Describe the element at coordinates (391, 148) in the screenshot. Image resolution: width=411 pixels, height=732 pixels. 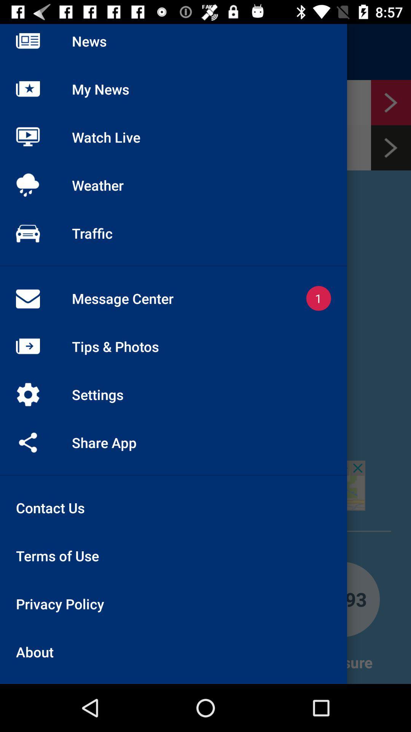
I see `the second forward button at the top of the page` at that location.